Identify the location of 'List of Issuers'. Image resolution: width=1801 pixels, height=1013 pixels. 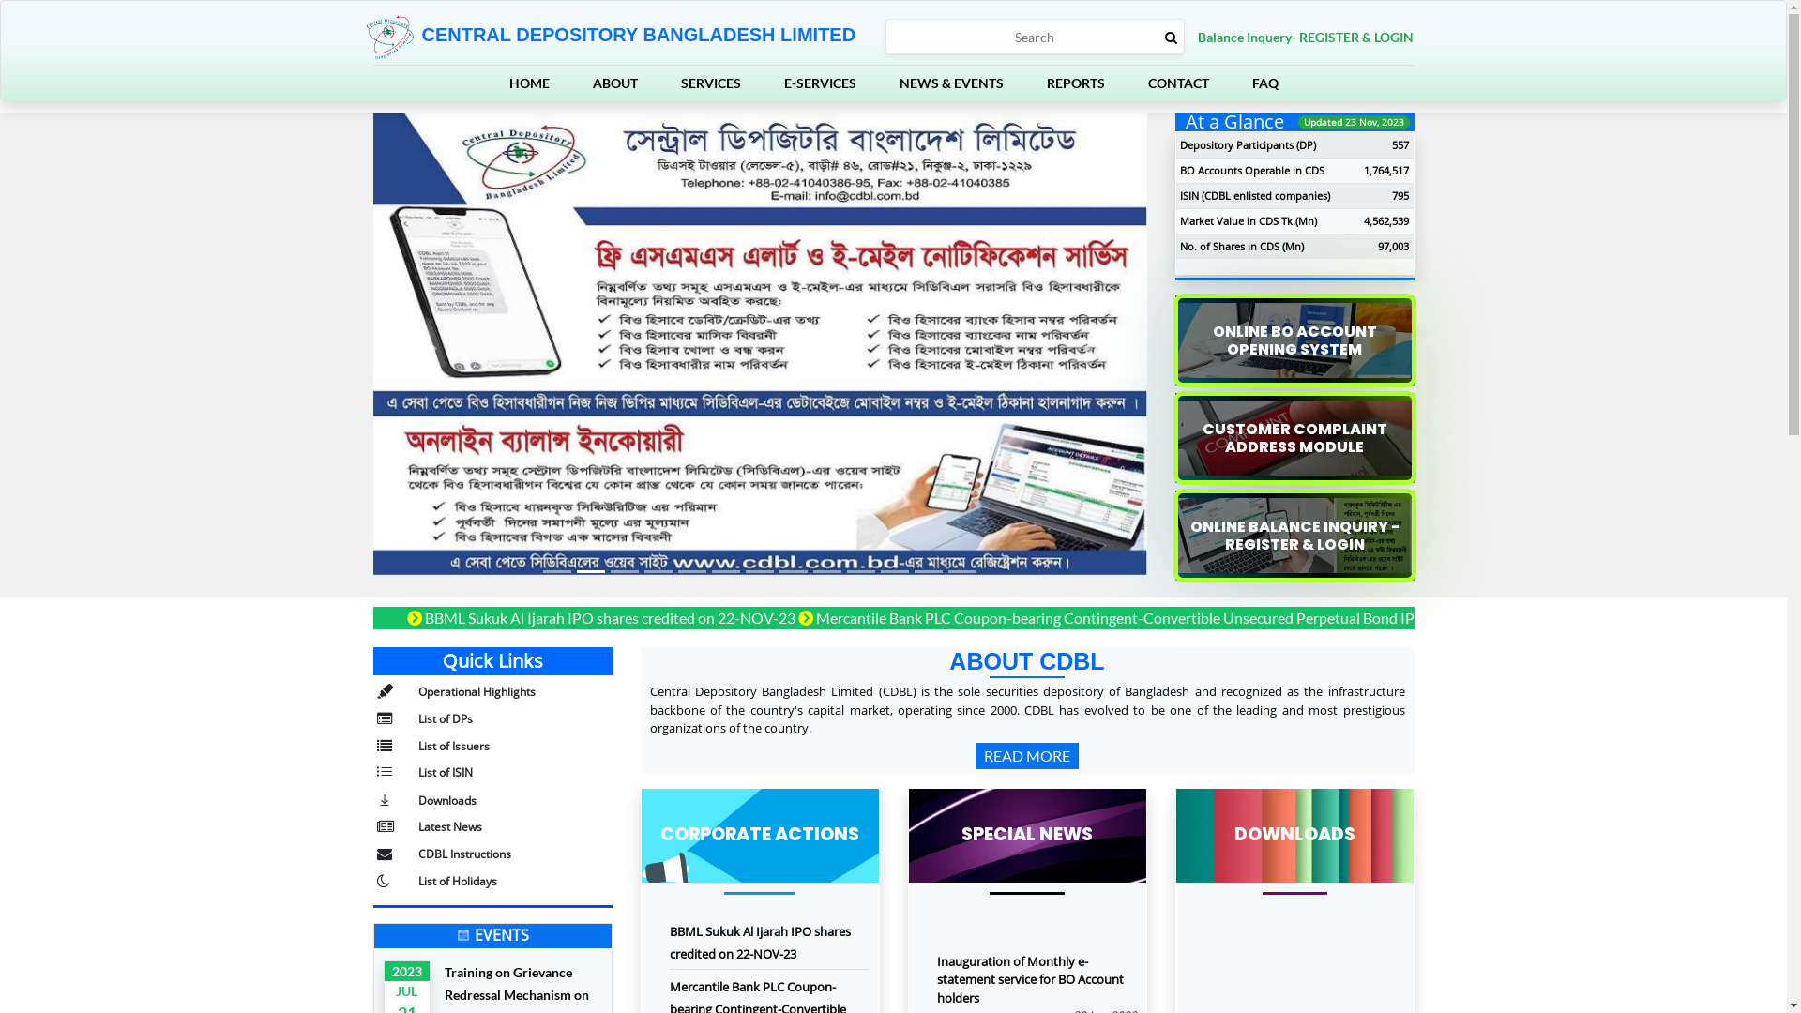
(454, 745).